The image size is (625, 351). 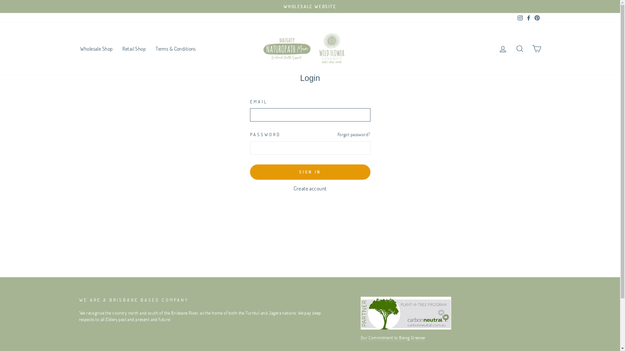 What do you see at coordinates (310, 171) in the screenshot?
I see `'SIGN IN'` at bounding box center [310, 171].